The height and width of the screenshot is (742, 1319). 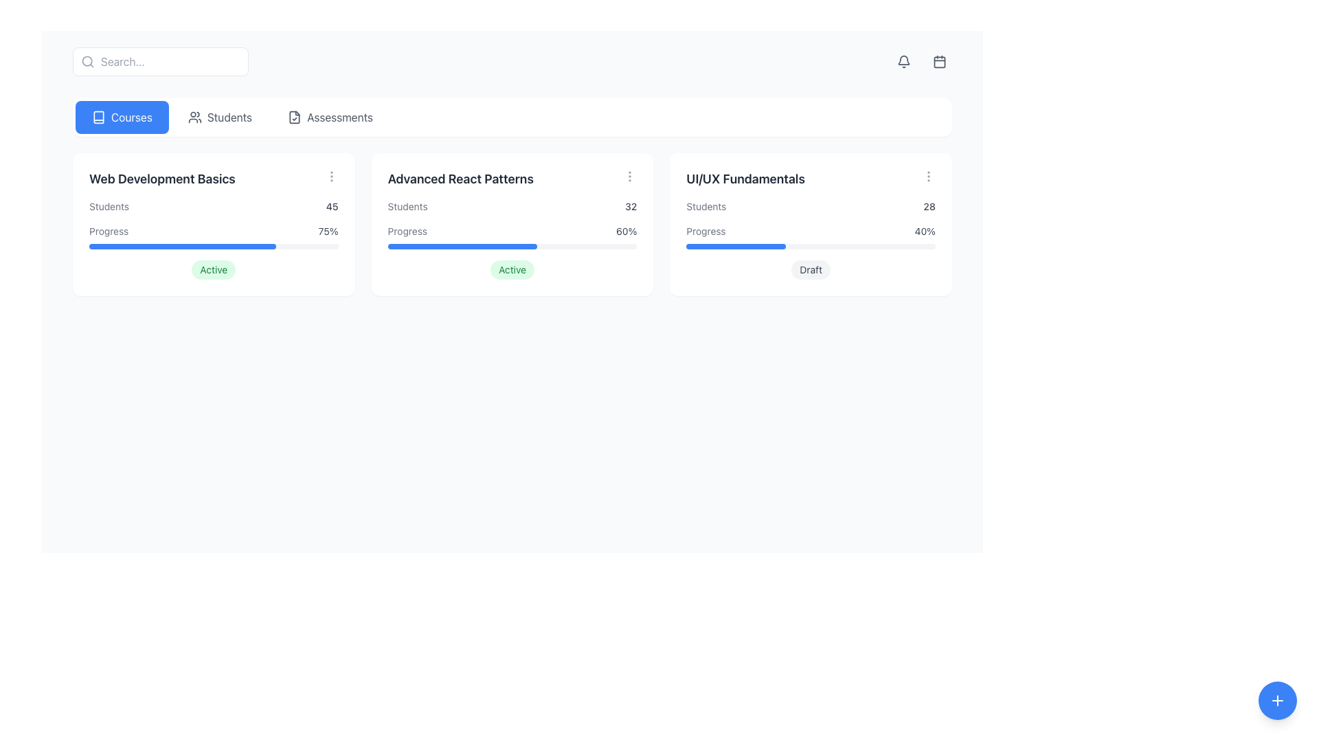 What do you see at coordinates (939, 60) in the screenshot?
I see `the second interactive circular button from the right in the top-right corner of the interface, which is adjacent to the bell icon button` at bounding box center [939, 60].